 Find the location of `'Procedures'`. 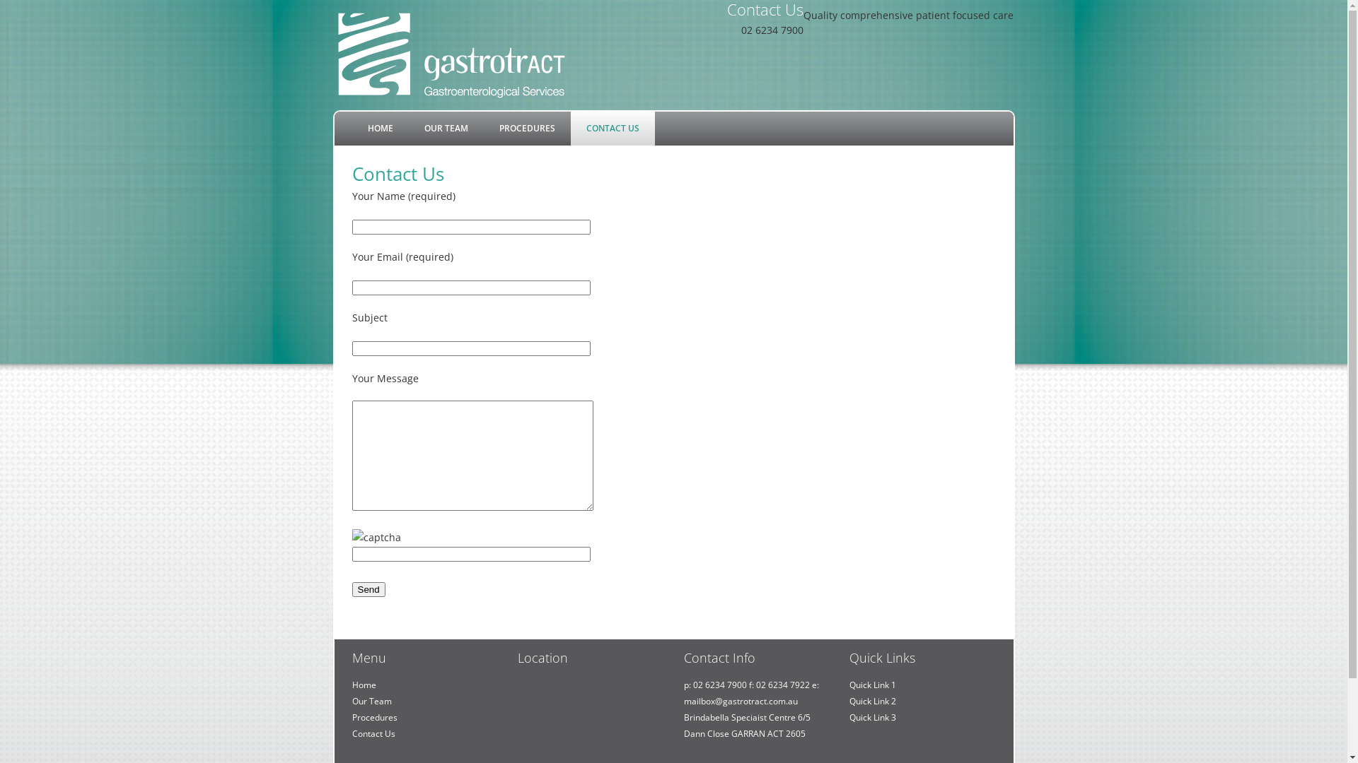

'Procedures' is located at coordinates (374, 717).